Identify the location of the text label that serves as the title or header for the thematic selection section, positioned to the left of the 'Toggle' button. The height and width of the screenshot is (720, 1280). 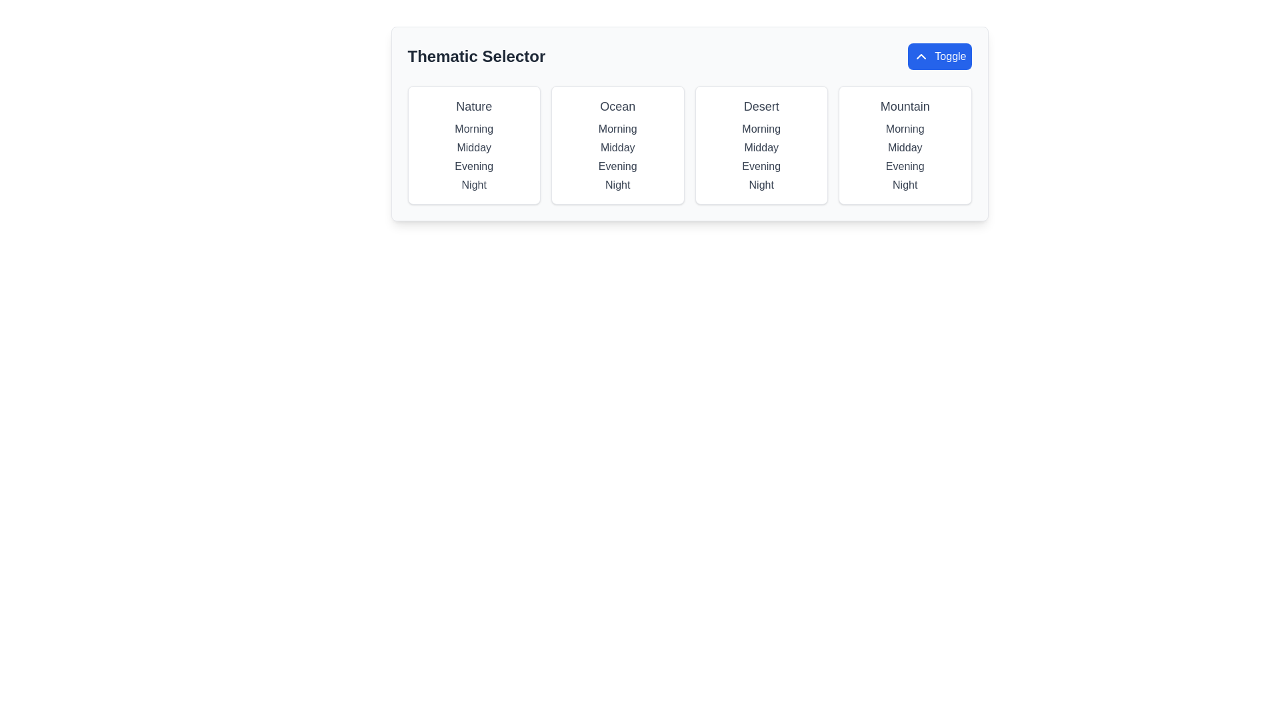
(476, 55).